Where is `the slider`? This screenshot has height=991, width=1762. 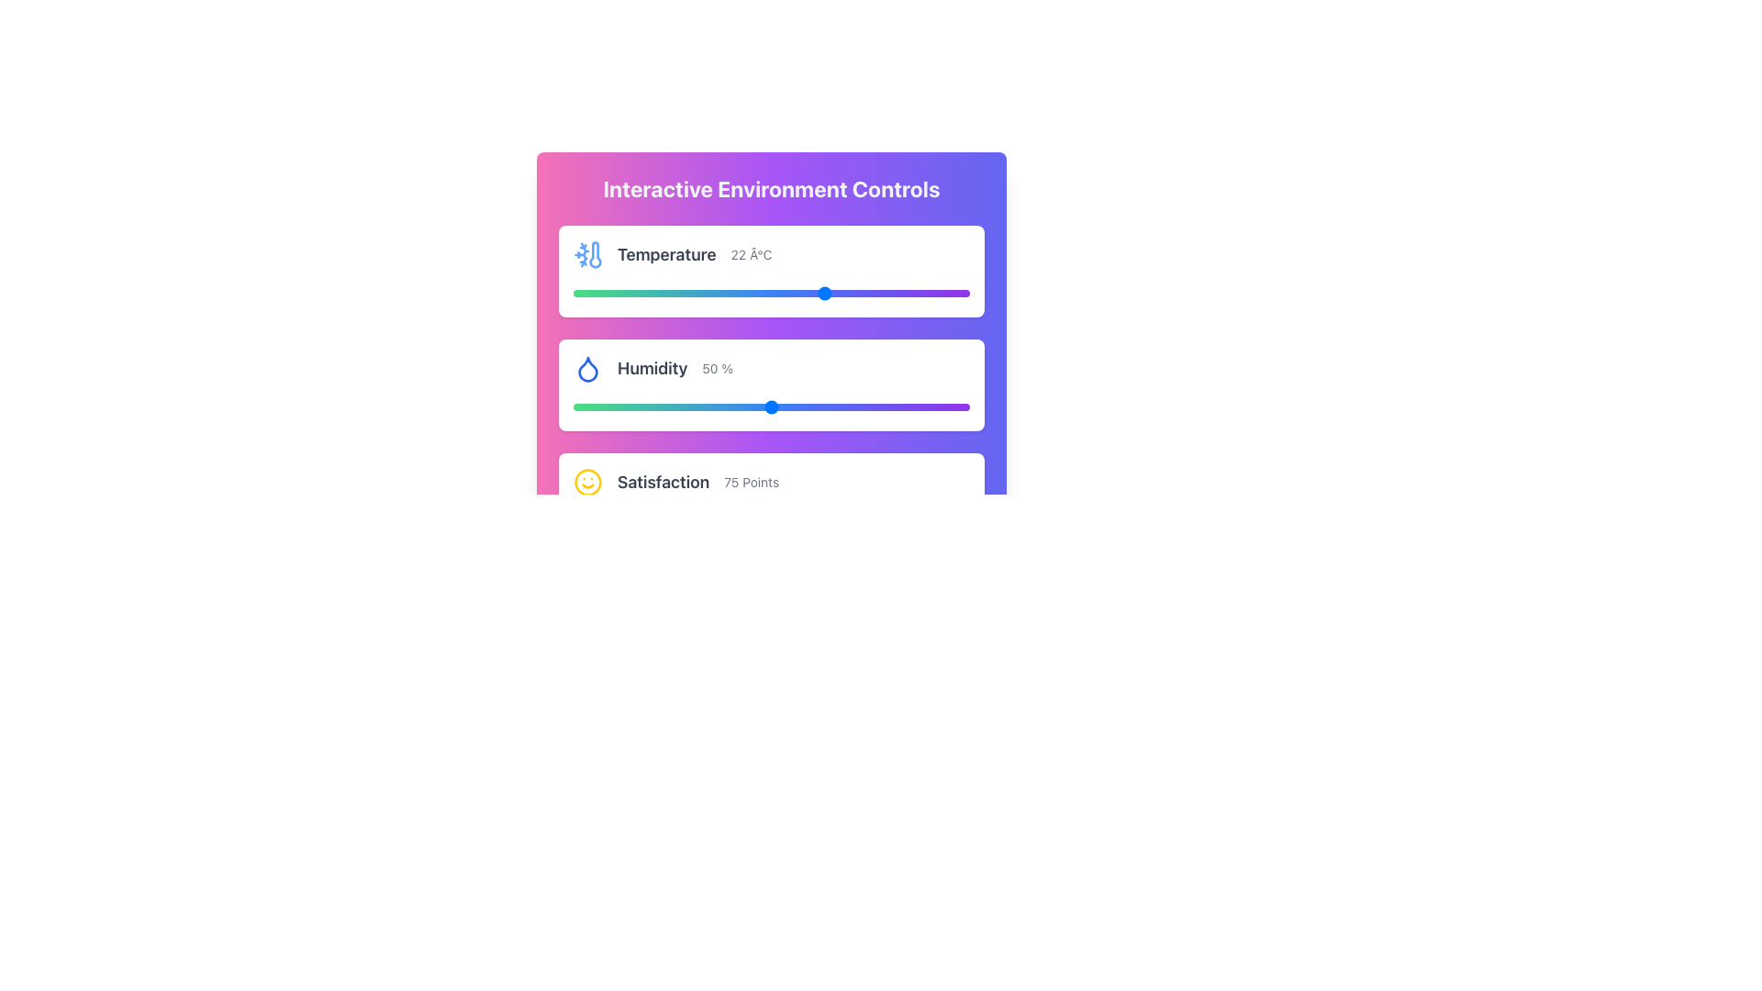
the slider is located at coordinates (953, 293).